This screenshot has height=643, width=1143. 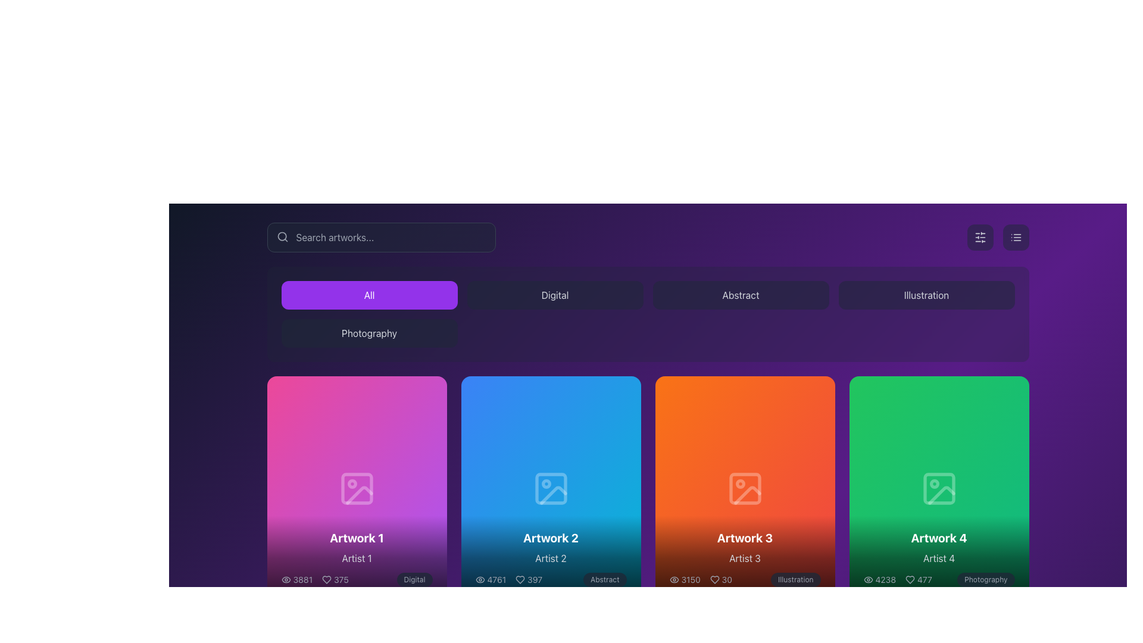 I want to click on the text label displaying 'Artwork 4' in bold white font, located on the green card towards the bottom, central to other text labels, so click(x=938, y=538).